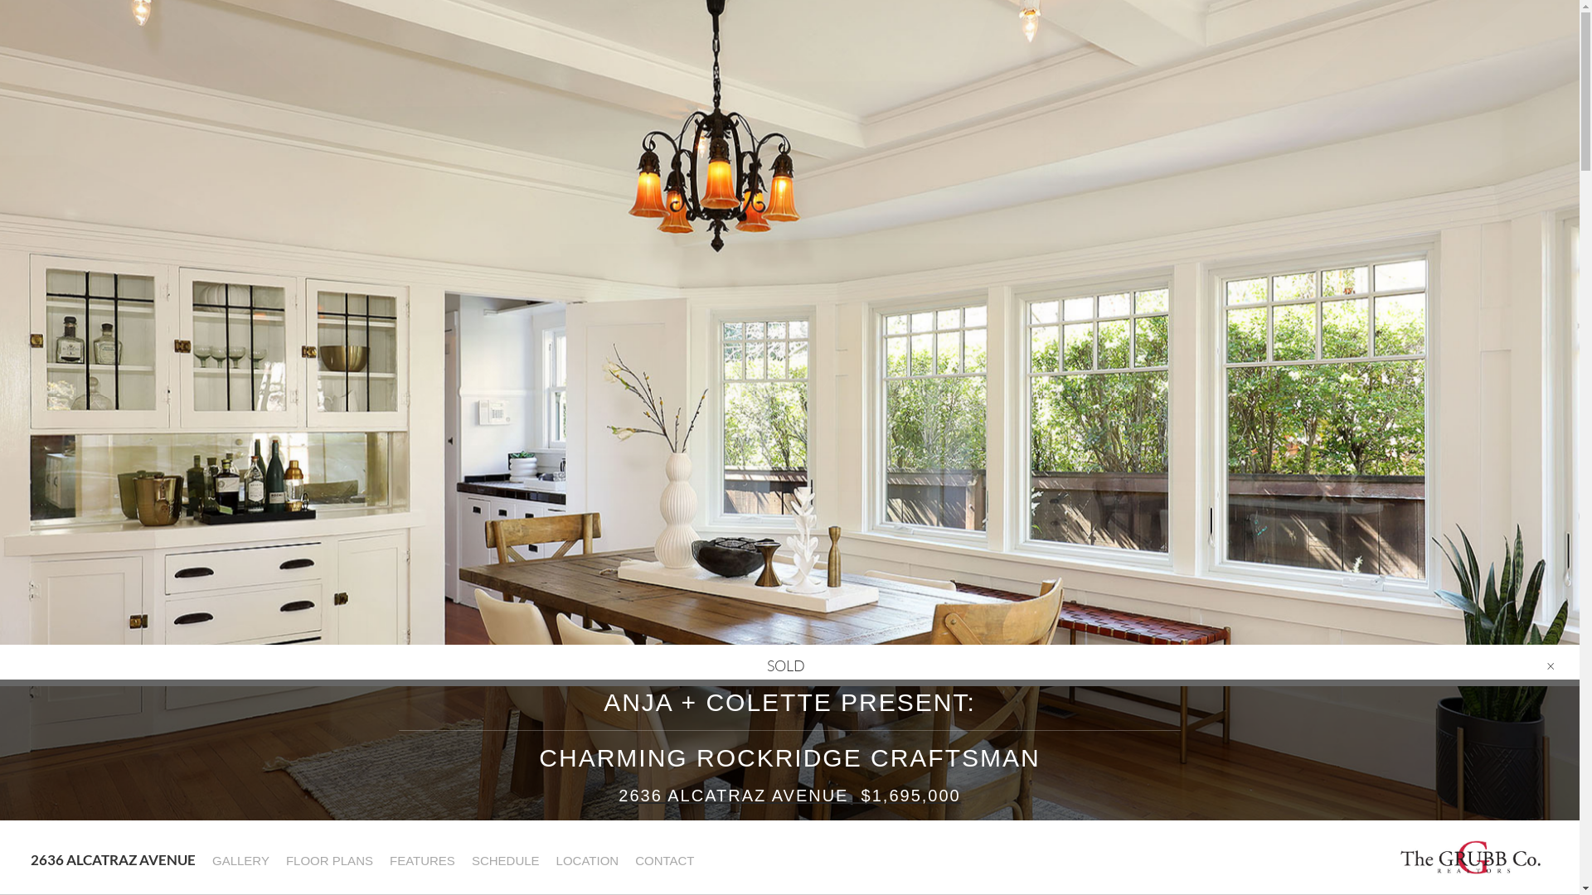 The width and height of the screenshot is (1592, 895). I want to click on 'SCHEDULE', so click(504, 859).